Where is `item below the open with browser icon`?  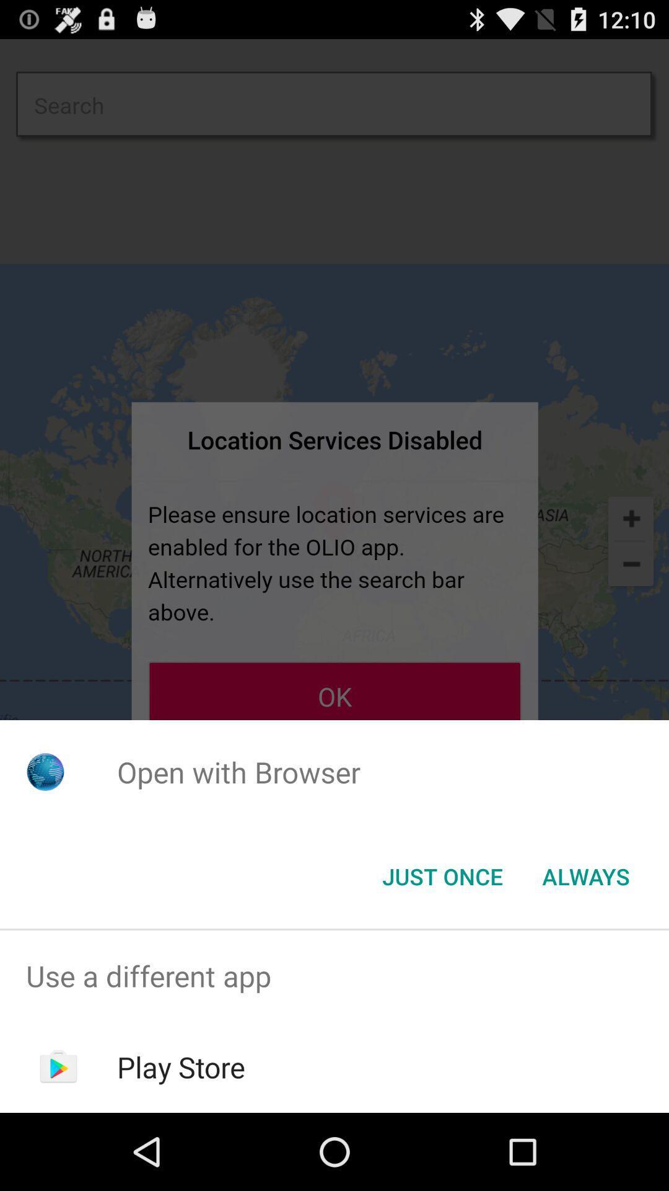 item below the open with browser icon is located at coordinates (585, 875).